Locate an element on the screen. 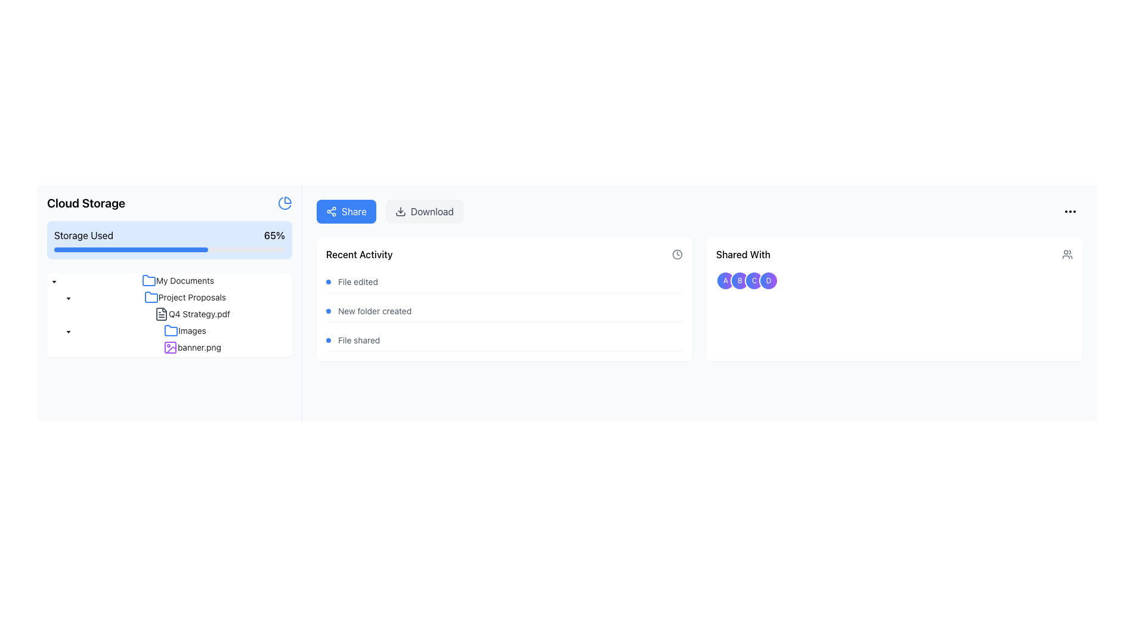 The width and height of the screenshot is (1145, 644). the text label displaying the filename 'Q4 Strategy.pdf' is located at coordinates (199, 313).